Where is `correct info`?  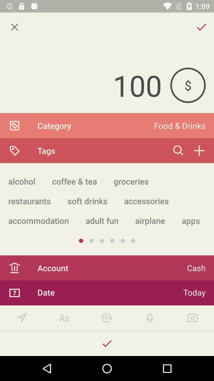
correct info is located at coordinates (107, 343).